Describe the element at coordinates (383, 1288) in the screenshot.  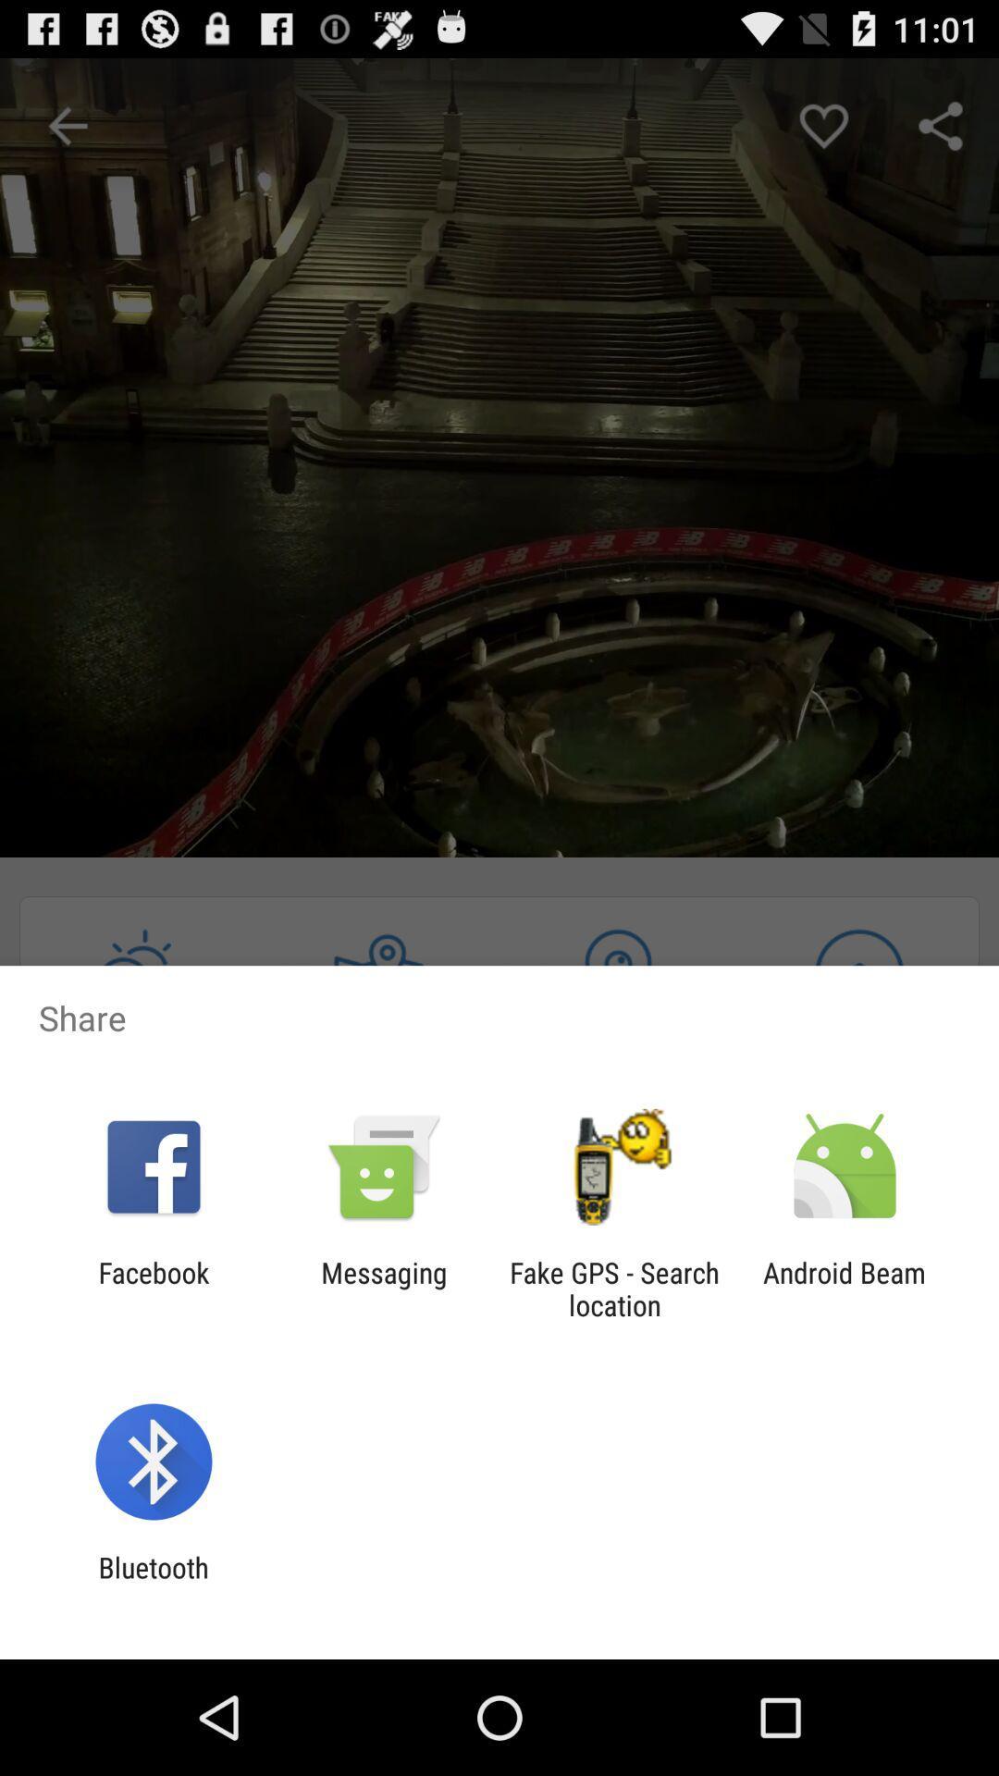
I see `the item to the right of the facebook` at that location.